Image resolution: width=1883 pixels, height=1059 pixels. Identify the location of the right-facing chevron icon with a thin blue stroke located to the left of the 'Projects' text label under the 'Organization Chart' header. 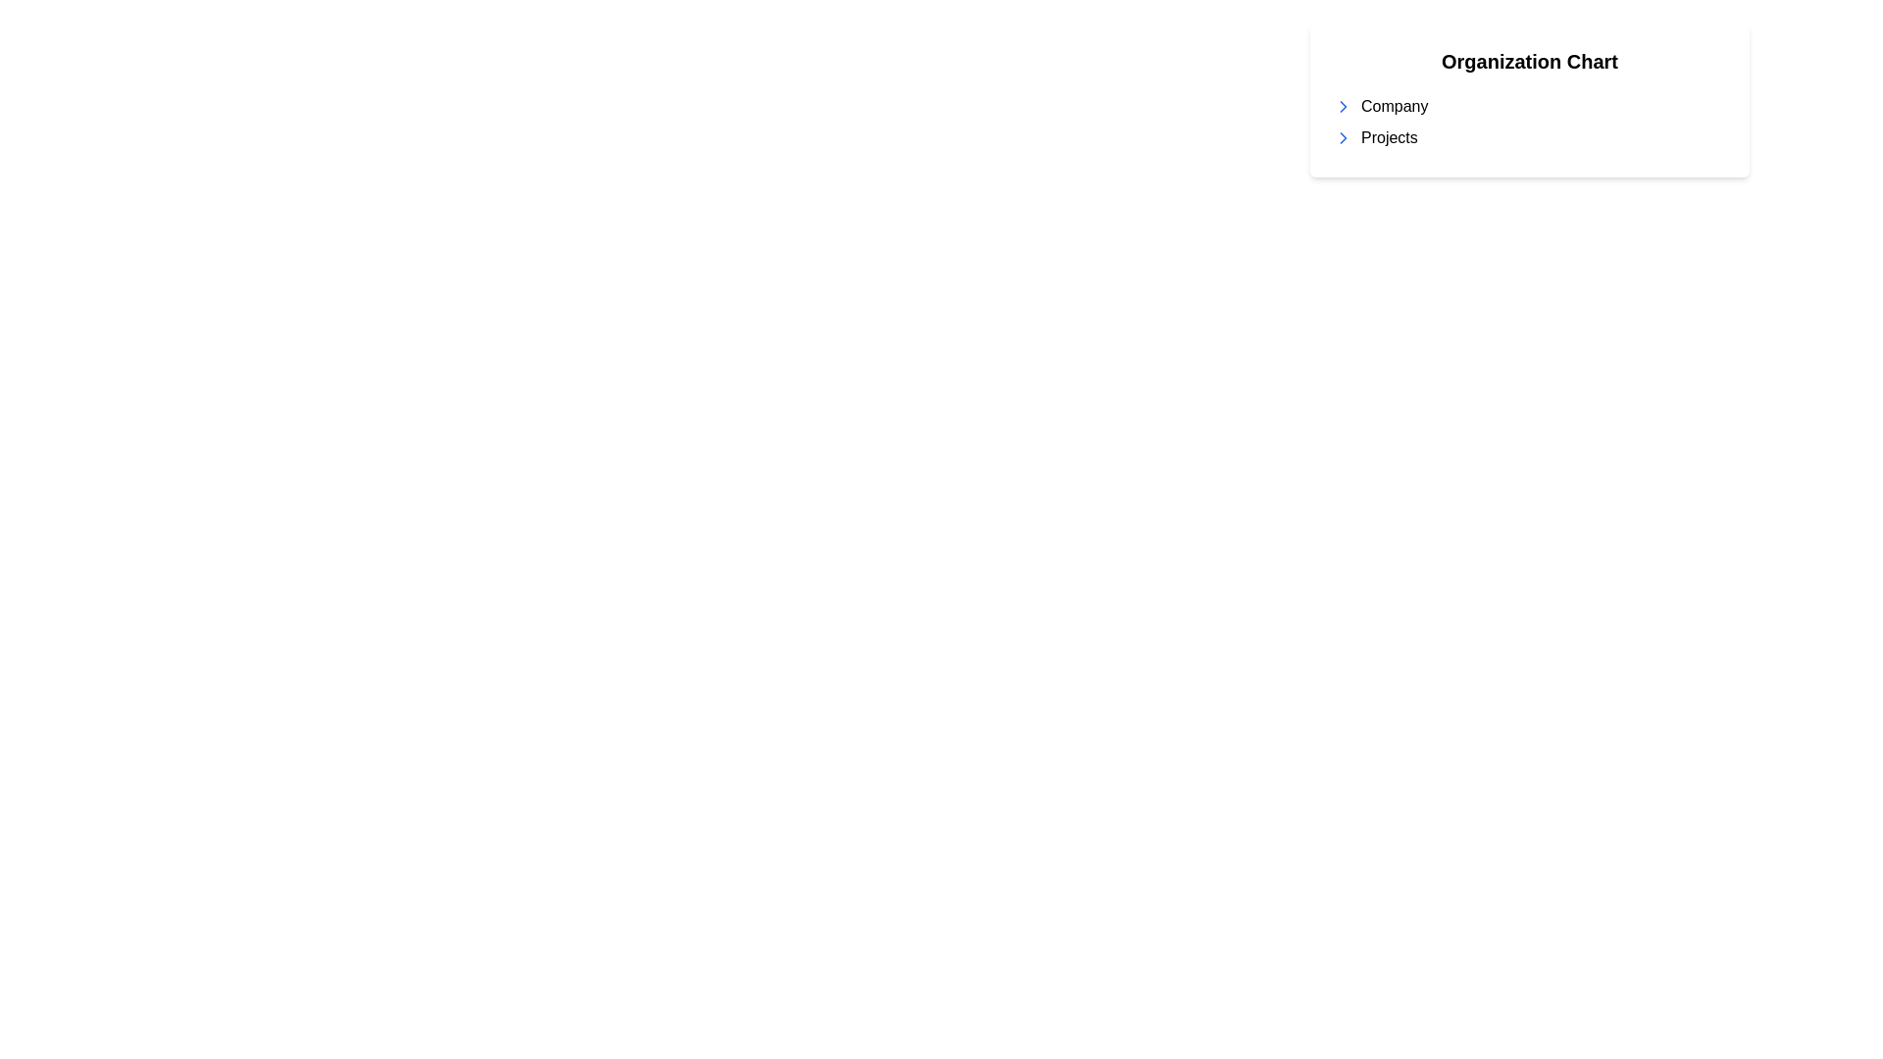
(1342, 137).